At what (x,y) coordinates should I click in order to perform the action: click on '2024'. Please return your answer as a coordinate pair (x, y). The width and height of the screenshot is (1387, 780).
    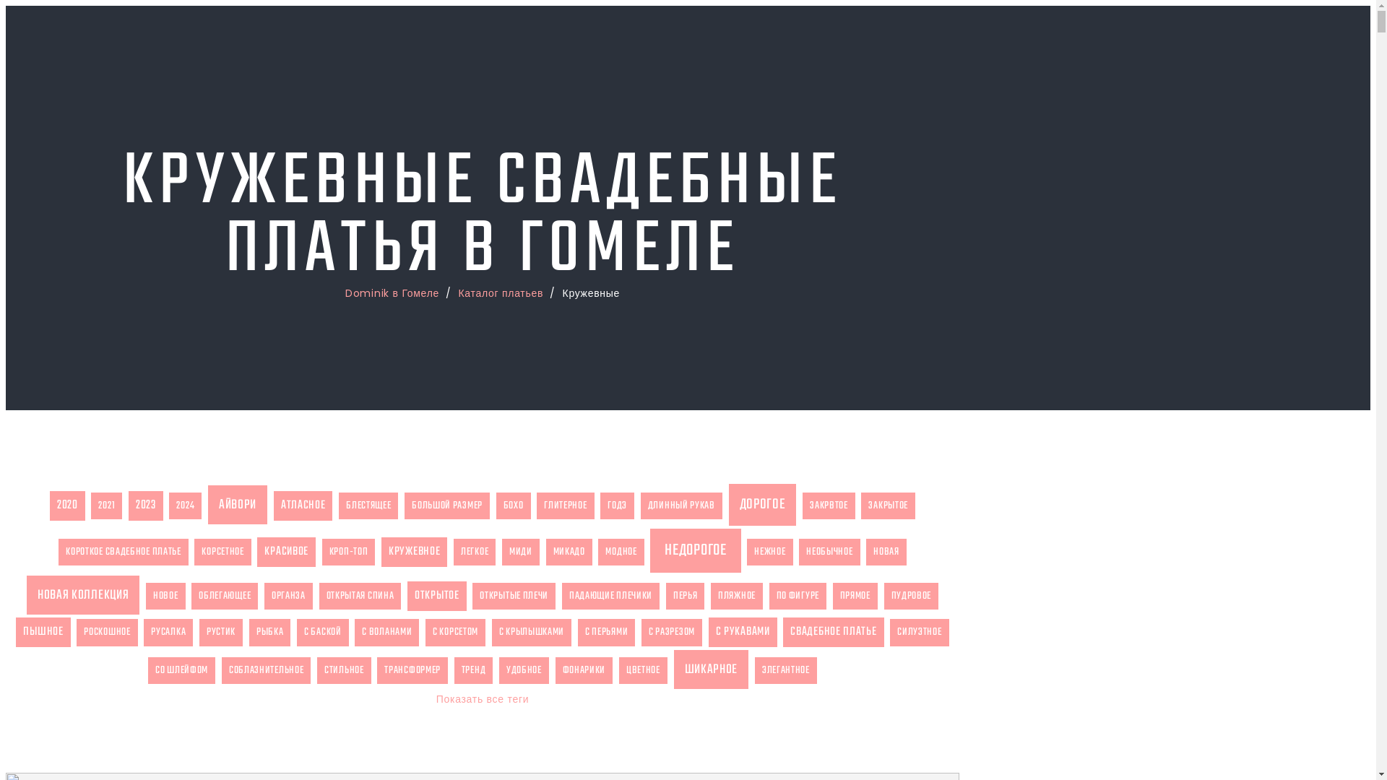
    Looking at the image, I should click on (184, 505).